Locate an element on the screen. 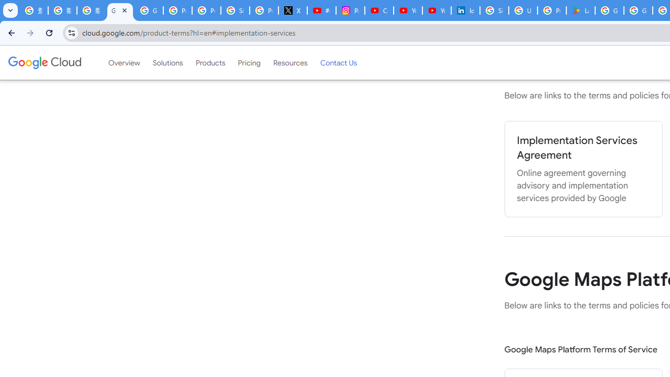 This screenshot has height=377, width=670. '#nbabasketballhighlights - YouTube' is located at coordinates (321, 10).